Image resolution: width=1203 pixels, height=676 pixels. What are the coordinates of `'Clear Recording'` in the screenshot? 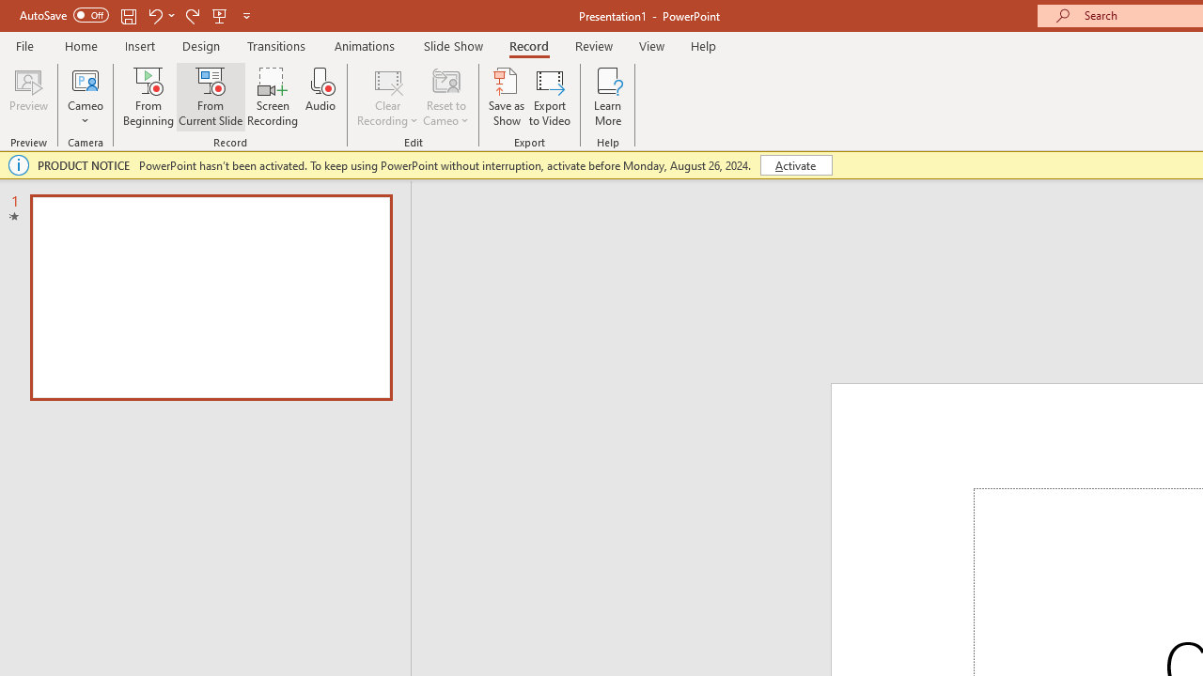 It's located at (386, 97).